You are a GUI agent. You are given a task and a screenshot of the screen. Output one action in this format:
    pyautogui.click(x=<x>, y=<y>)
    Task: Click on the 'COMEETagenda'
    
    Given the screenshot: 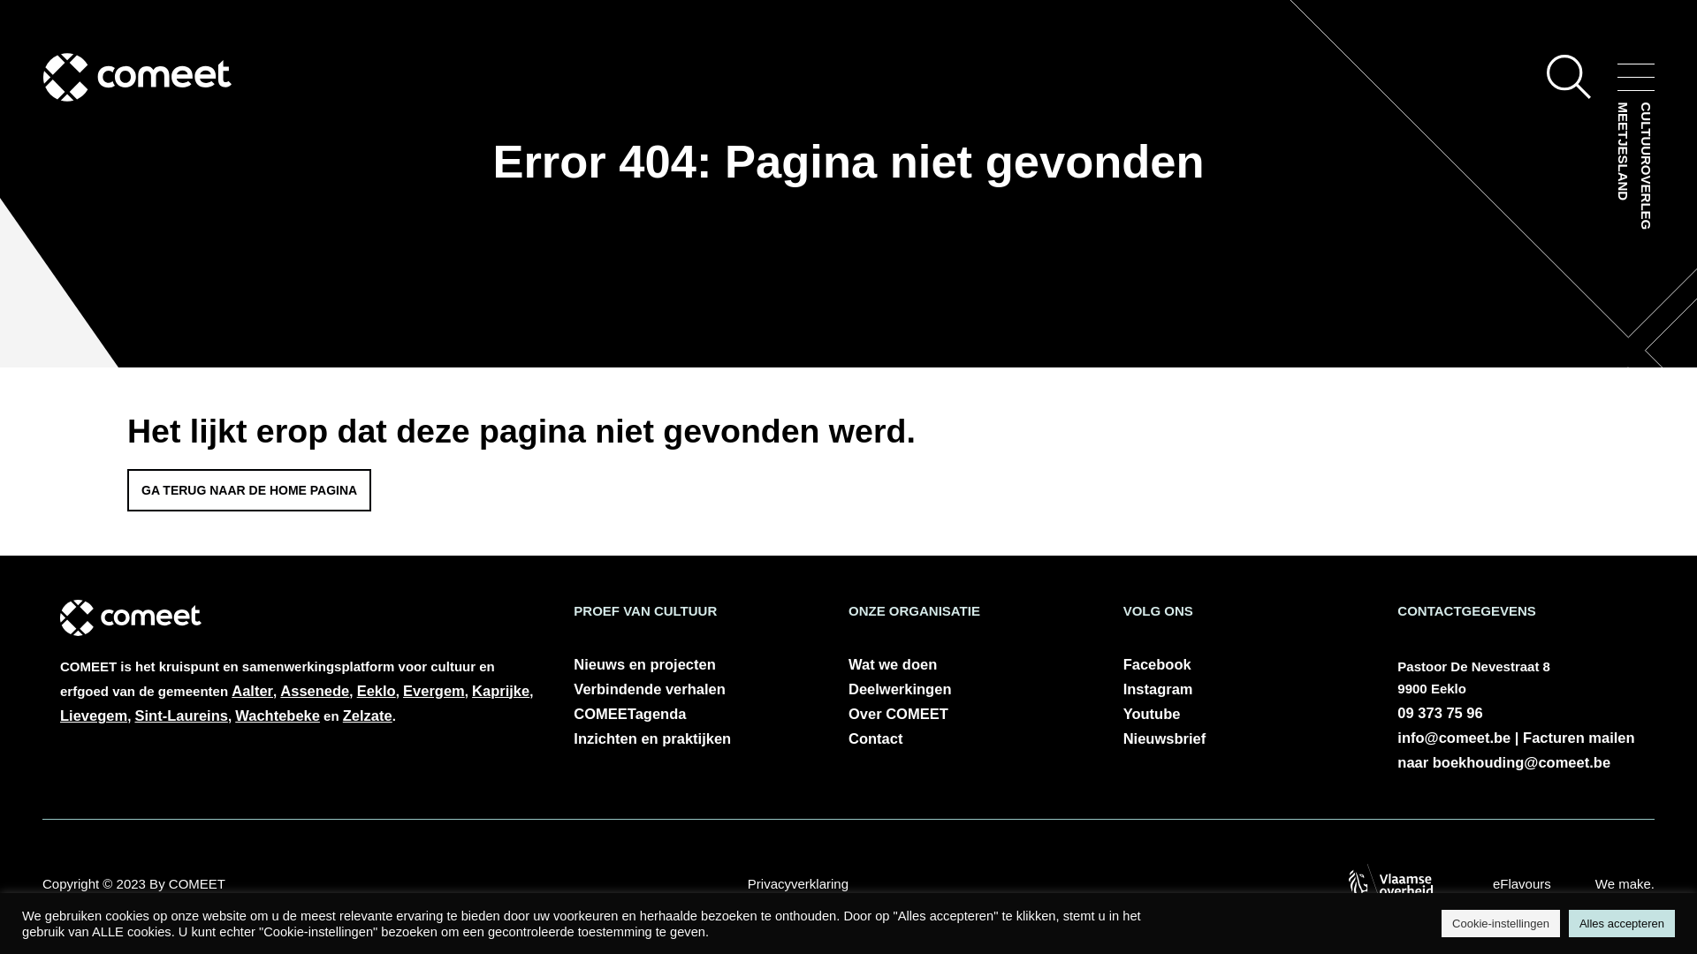 What is the action you would take?
    pyautogui.click(x=573, y=712)
    